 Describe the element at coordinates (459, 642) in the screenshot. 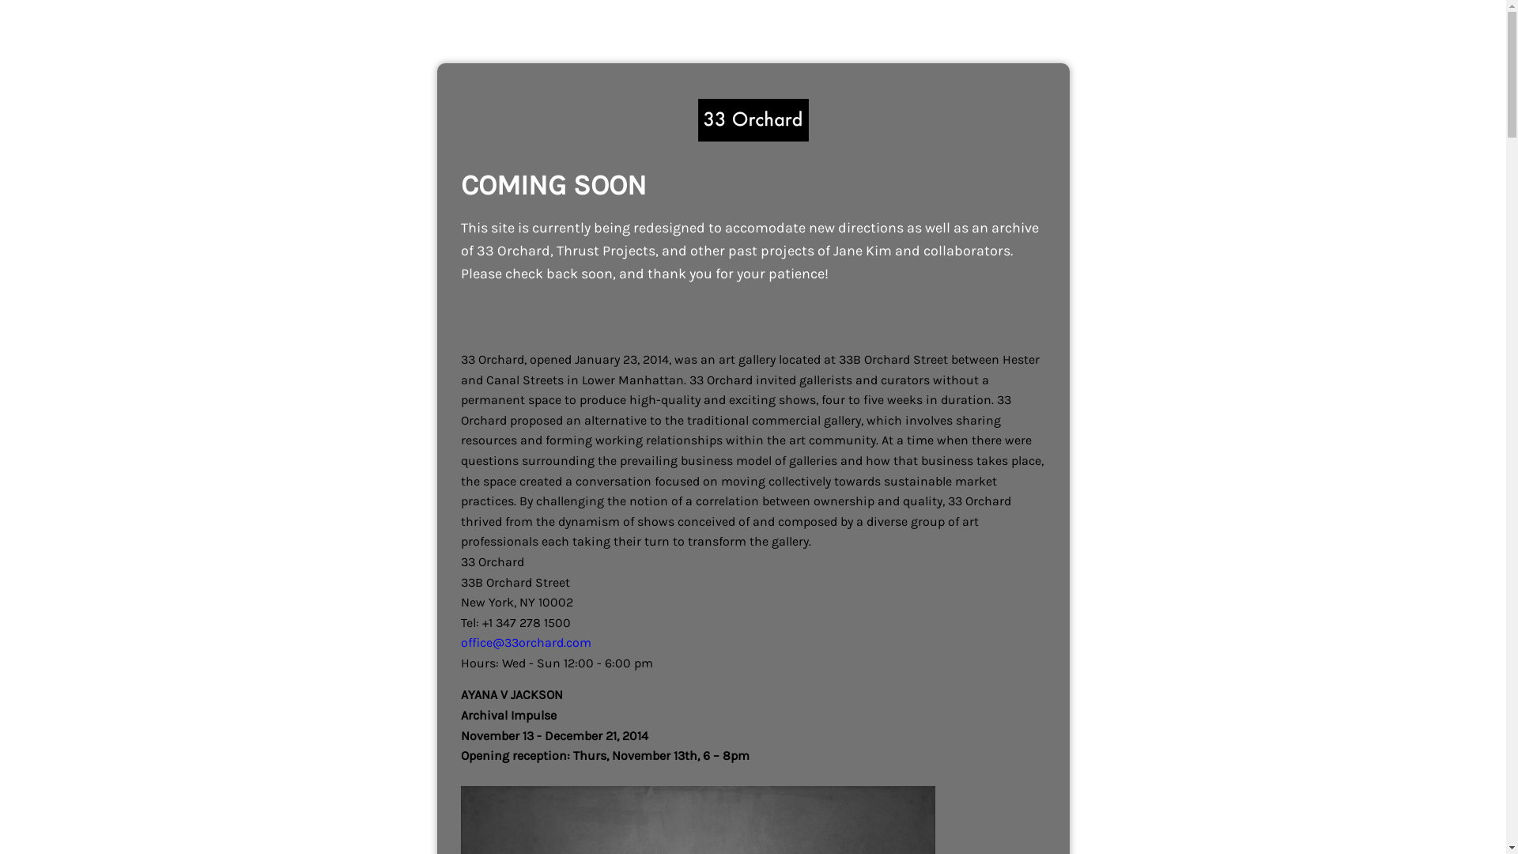

I see `'office@33orchard.com'` at that location.